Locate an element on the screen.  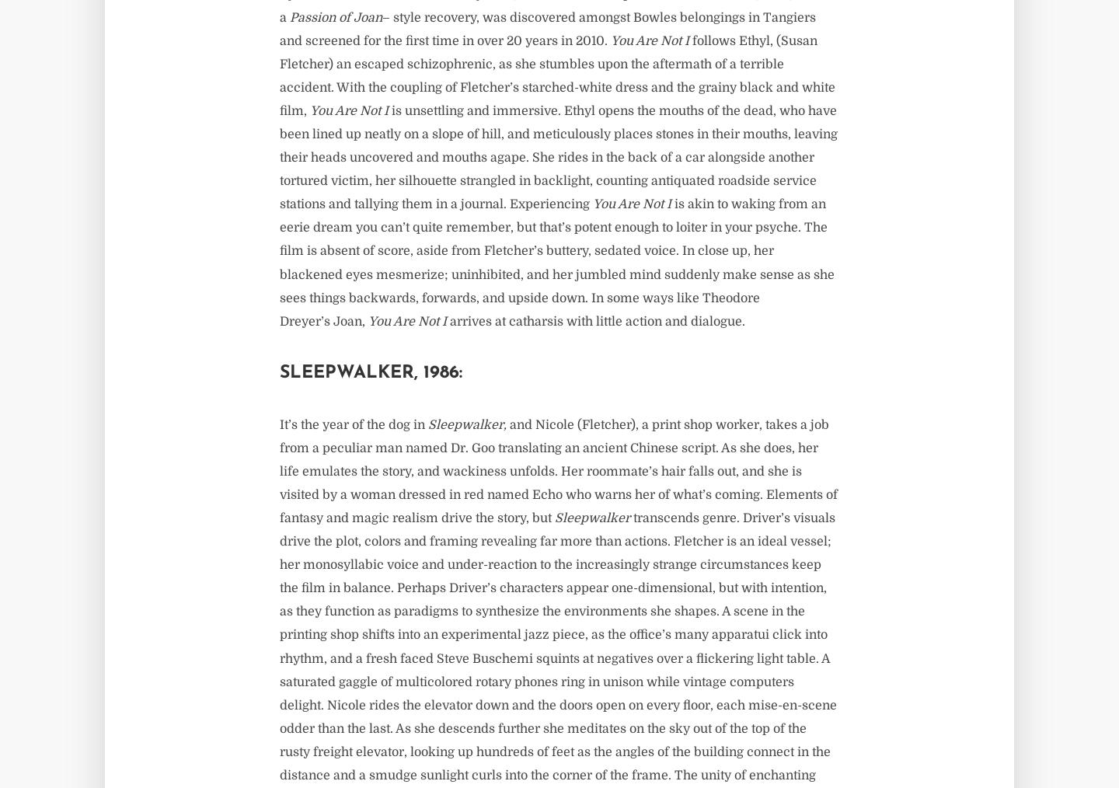
'and Nicole (Fletcher), a print shop worker, takes a job from a peculiar man named Dr. Goo translating an ancient Chinese script. As she does, her life emulates the story, and wackiness unfolds. Her roommate’s hair falls out, and she is visited by a woman dressed in red named Echo who warns her of what’s coming. Elements of fantasy and magic realism drive the story, but' is located at coordinates (558, 471).